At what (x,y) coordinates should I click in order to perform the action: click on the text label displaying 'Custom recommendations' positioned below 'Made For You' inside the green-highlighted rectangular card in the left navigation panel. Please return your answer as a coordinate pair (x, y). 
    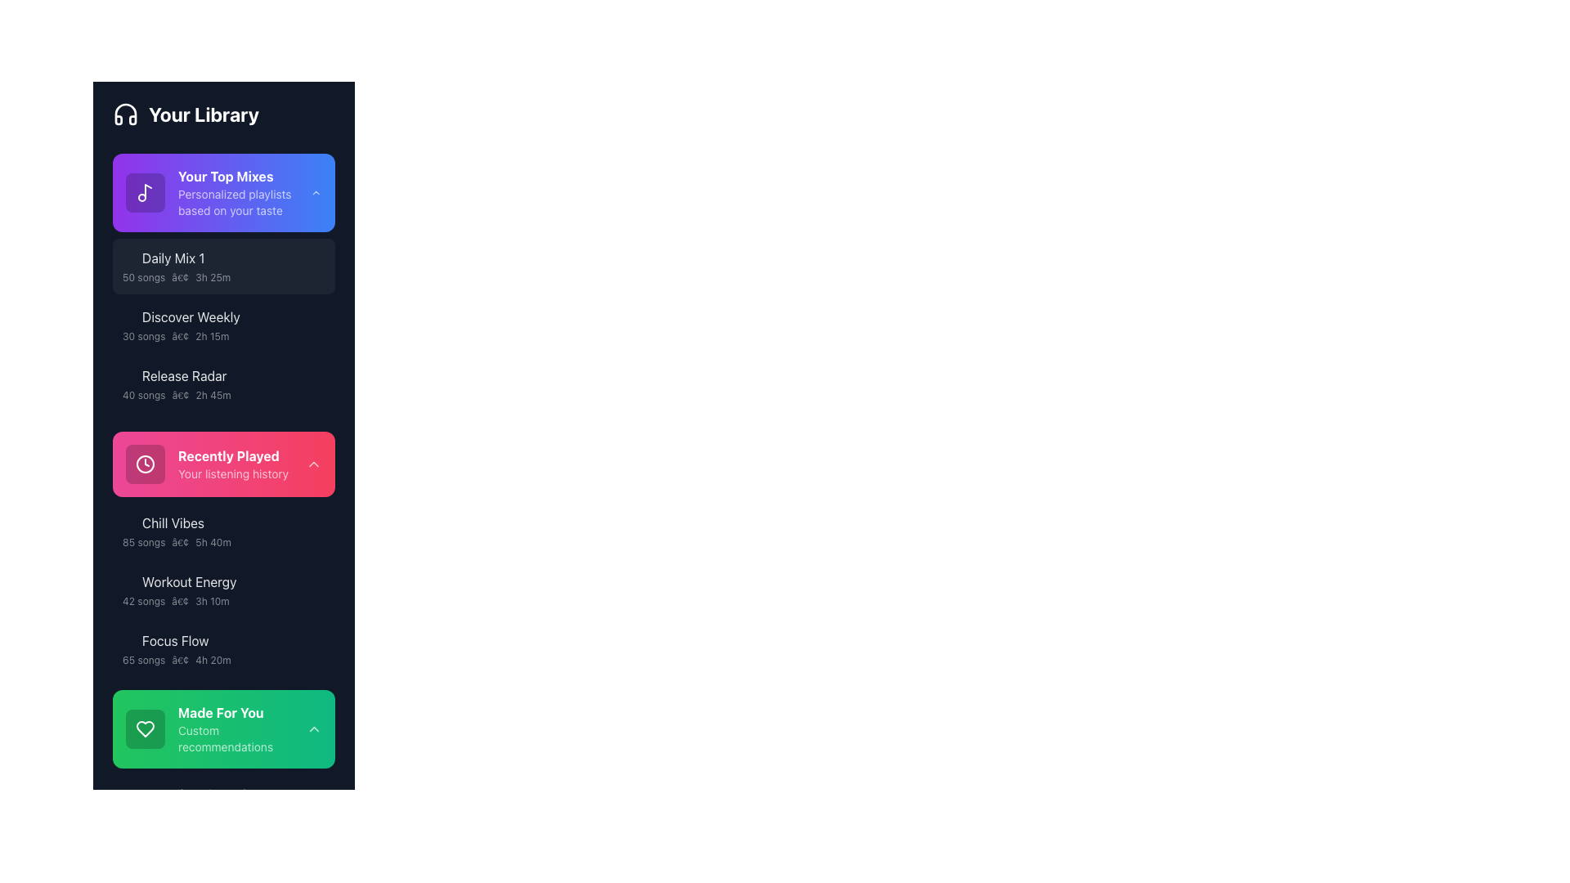
    Looking at the image, I should click on (241, 738).